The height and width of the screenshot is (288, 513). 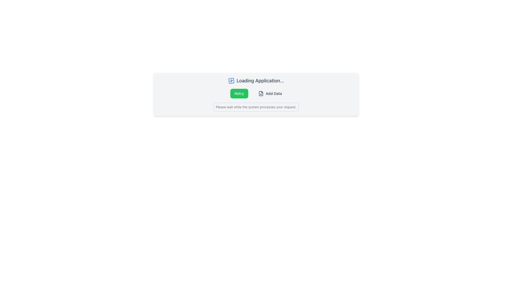 I want to click on the green 'Retry' button with rounded corners, so click(x=242, y=93).